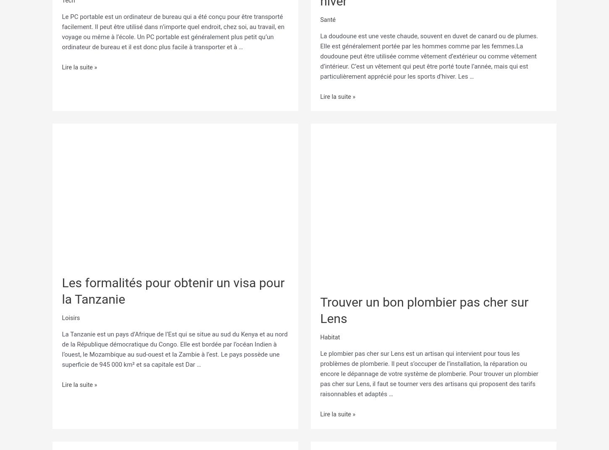  I want to click on 'La doudoune est une veste chaude, souvent en duvet de canard ou de plumes. Elle est généralement portée par les hommes comme par les femmes.La doudoune peut être utilisée comme vêtement d’extérieur ou comme vêtement d’intérieur. C’est un vêtement qui peut être porté toute l’année, mais qui est particulièrement apprécié pour les sports d’hiver. Les …', so click(429, 53).